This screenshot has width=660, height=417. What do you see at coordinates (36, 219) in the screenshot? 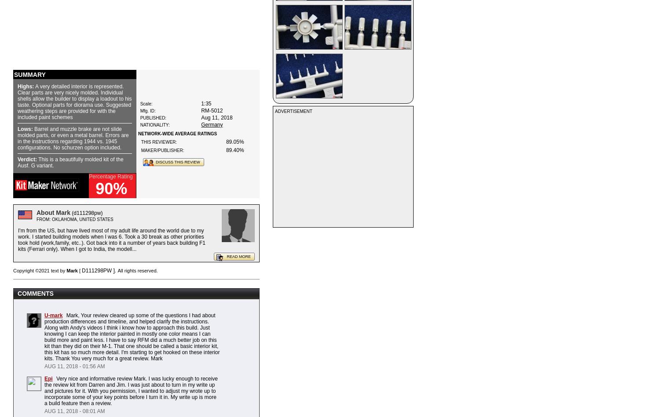
I see `'FROM: OKLAHOMA, UNITED STATES'` at bounding box center [36, 219].